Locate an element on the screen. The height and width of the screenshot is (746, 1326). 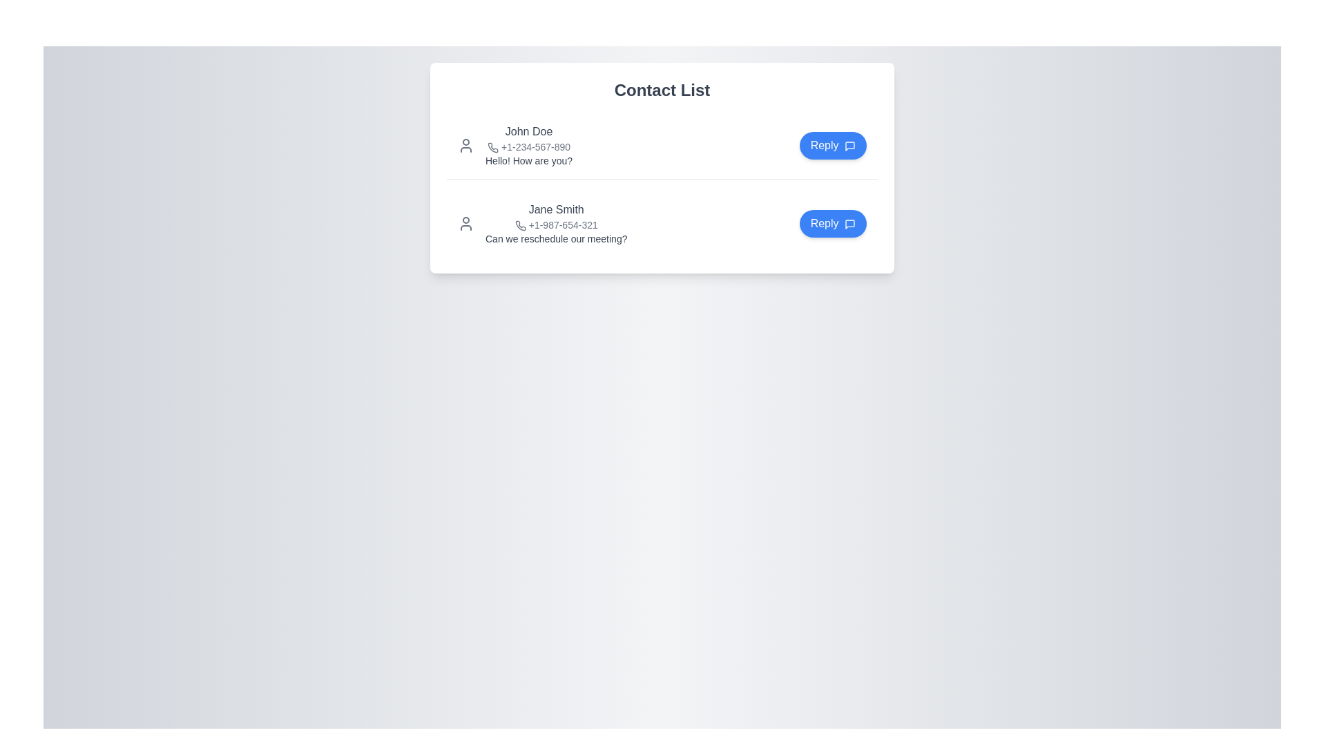
the reply button located in the top-right corner of the first user entry in the 'Contact List' card to reply to the associated message is located at coordinates (832, 146).